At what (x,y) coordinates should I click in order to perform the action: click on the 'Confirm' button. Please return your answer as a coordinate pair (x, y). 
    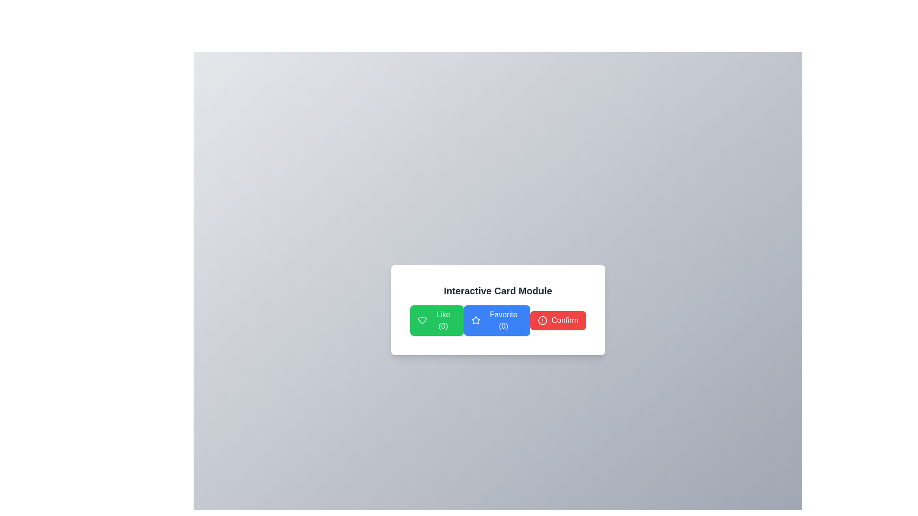
    Looking at the image, I should click on (558, 321).